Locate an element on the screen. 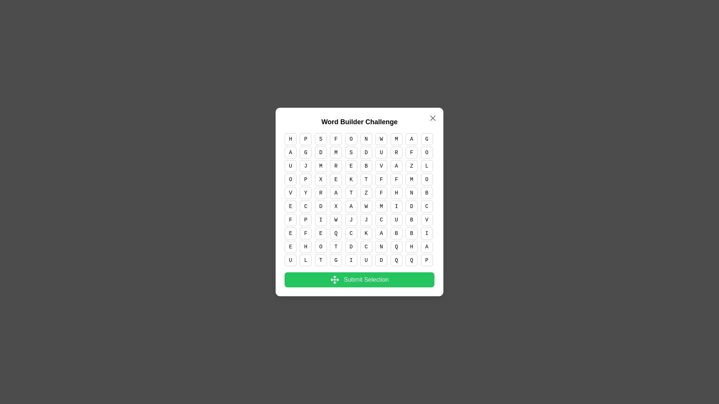 The width and height of the screenshot is (719, 404). the 'X' button at the top-right corner of the dialog to close it is located at coordinates (433, 118).